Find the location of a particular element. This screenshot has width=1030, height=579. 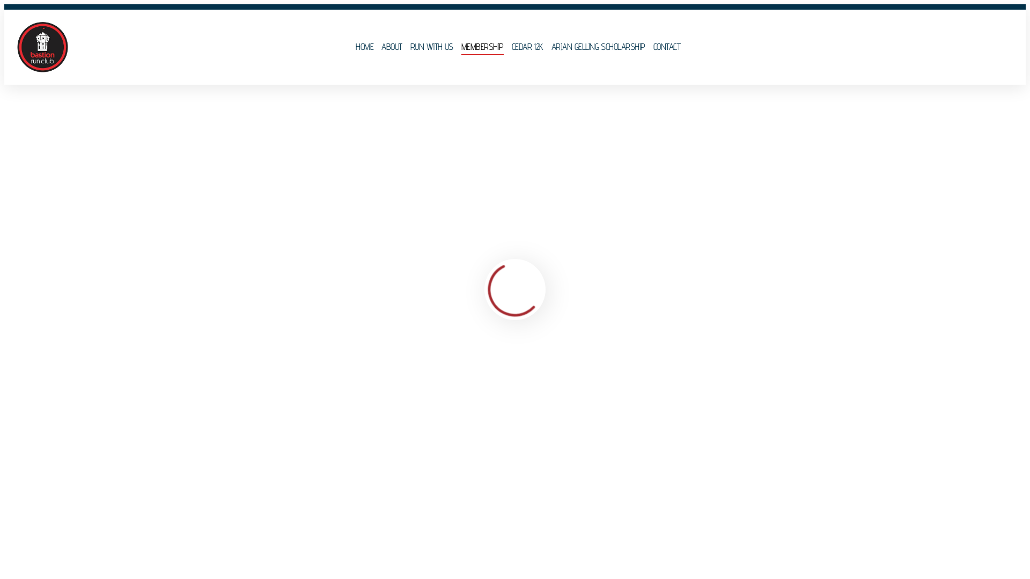

'CEDAR 12K' is located at coordinates (527, 47).